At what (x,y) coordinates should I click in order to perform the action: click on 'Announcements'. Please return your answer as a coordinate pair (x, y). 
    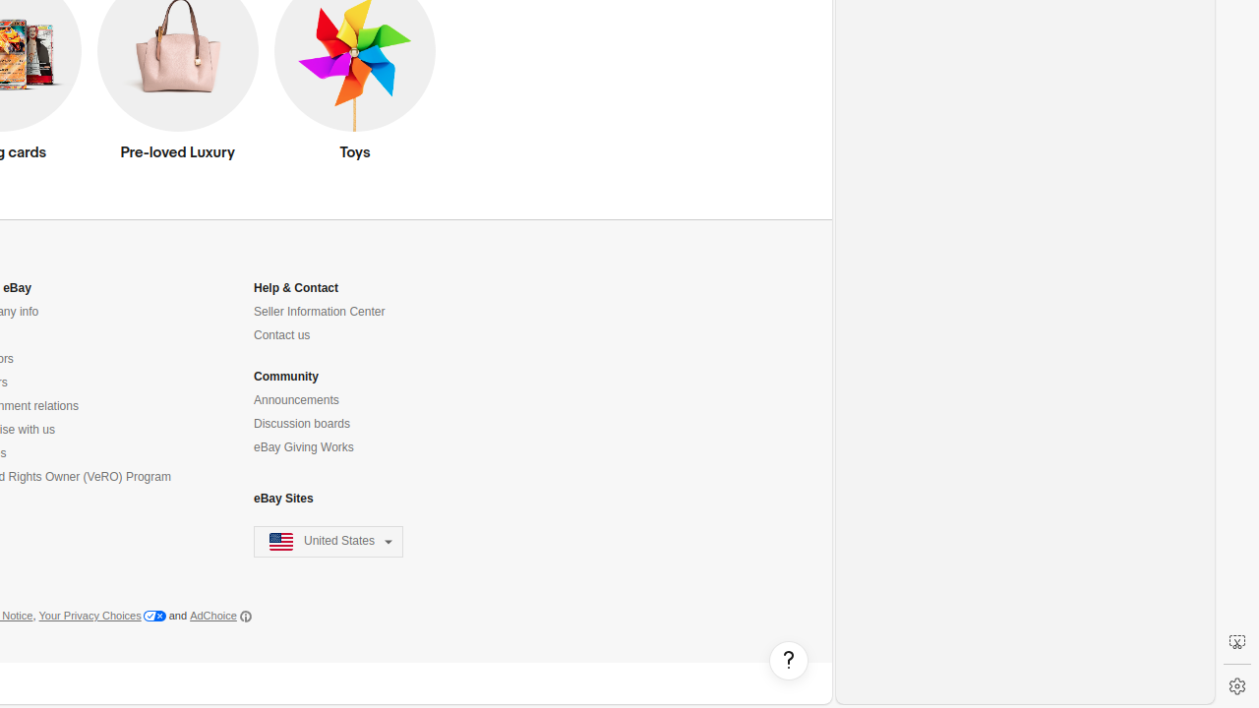
    Looking at the image, I should click on (295, 399).